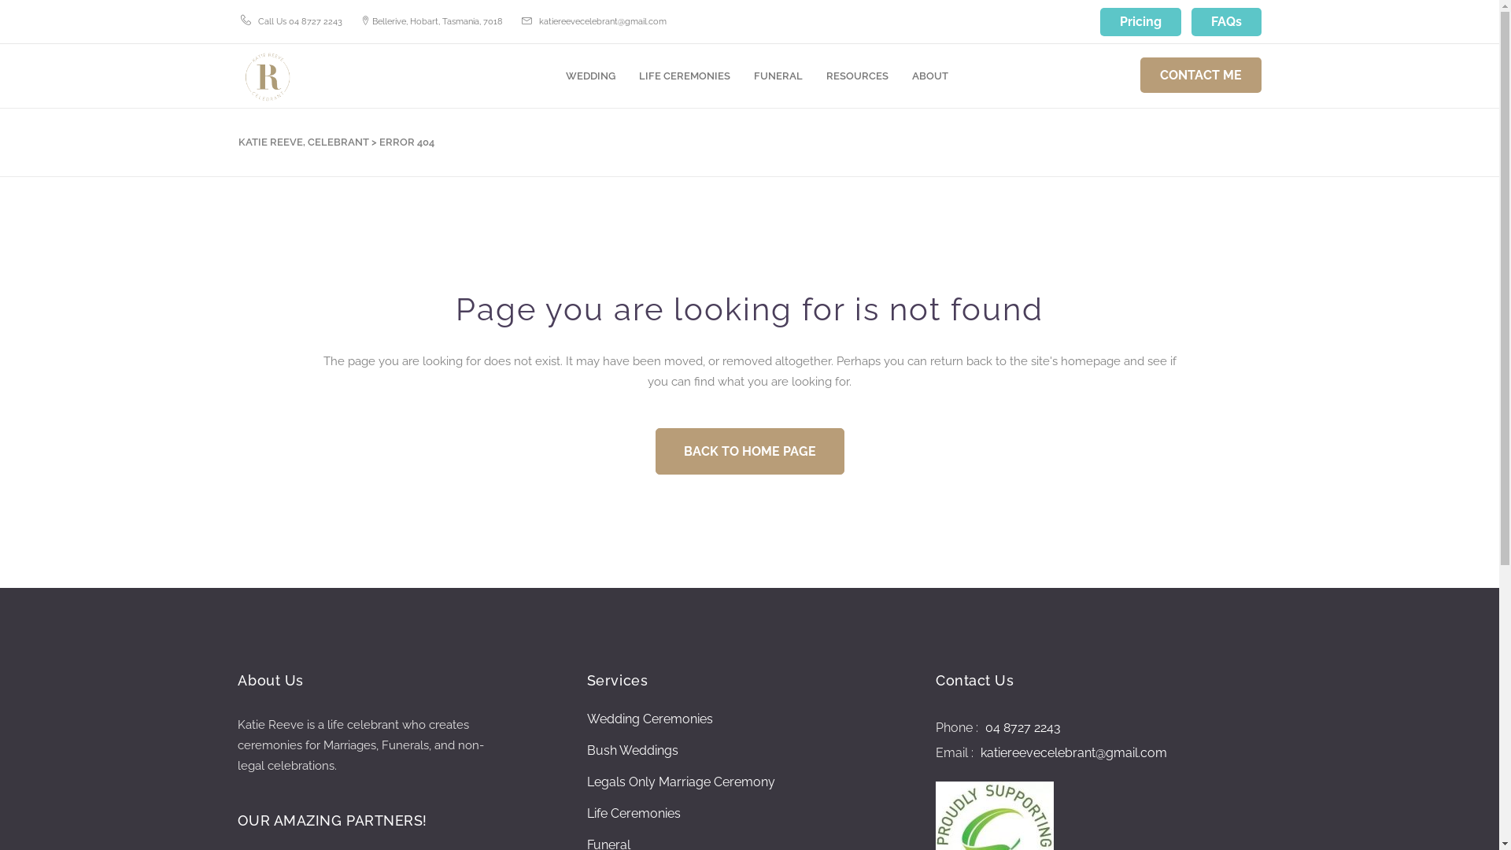 The height and width of the screenshot is (850, 1511). I want to click on 'Call Us 04 8727 2243', so click(300, 20).